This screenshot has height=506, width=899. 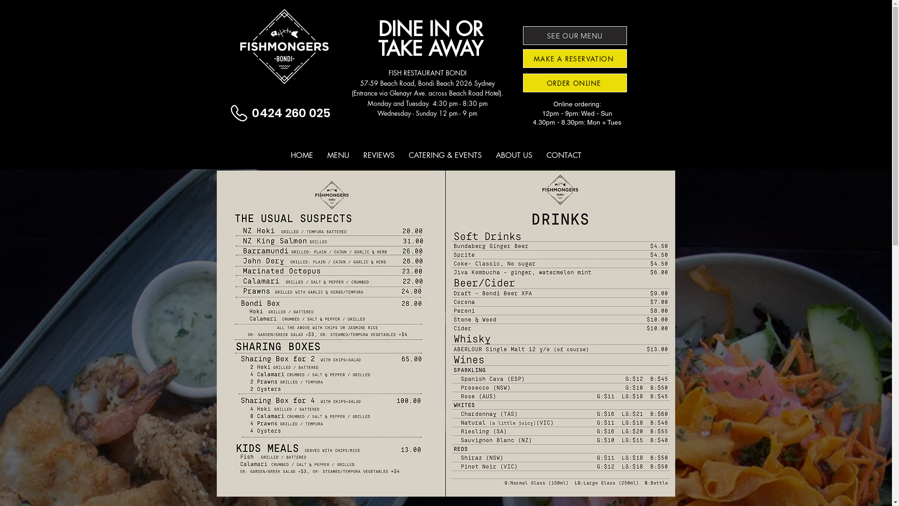 I want to click on 'CATERING & EVENTS', so click(x=444, y=155).